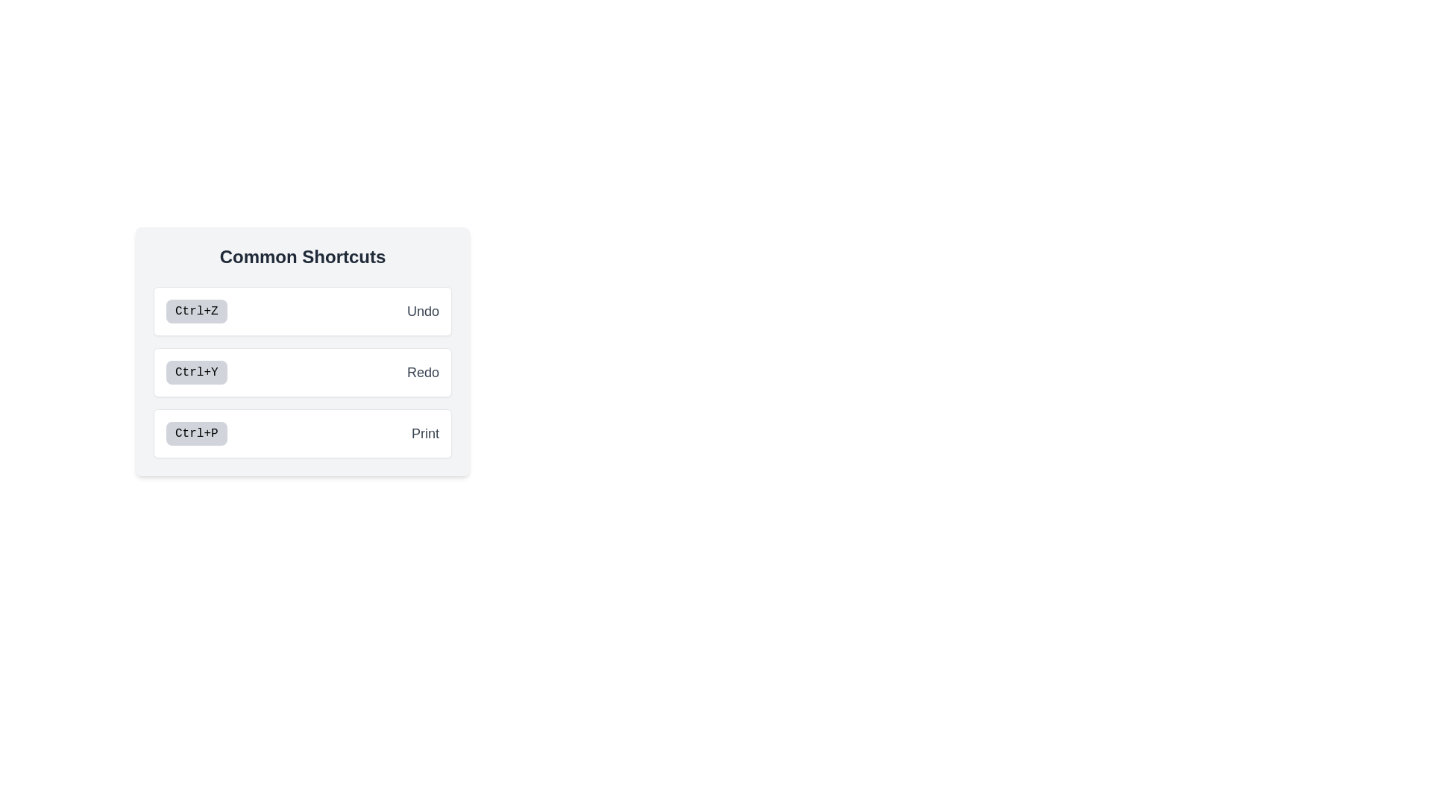  I want to click on the text label that describes the 'Ctrl+Z' keyboard shortcut, indicating its purpose as 'Undo', which is located in the first row of a panel listing keyboard shortcuts, so click(422, 310).